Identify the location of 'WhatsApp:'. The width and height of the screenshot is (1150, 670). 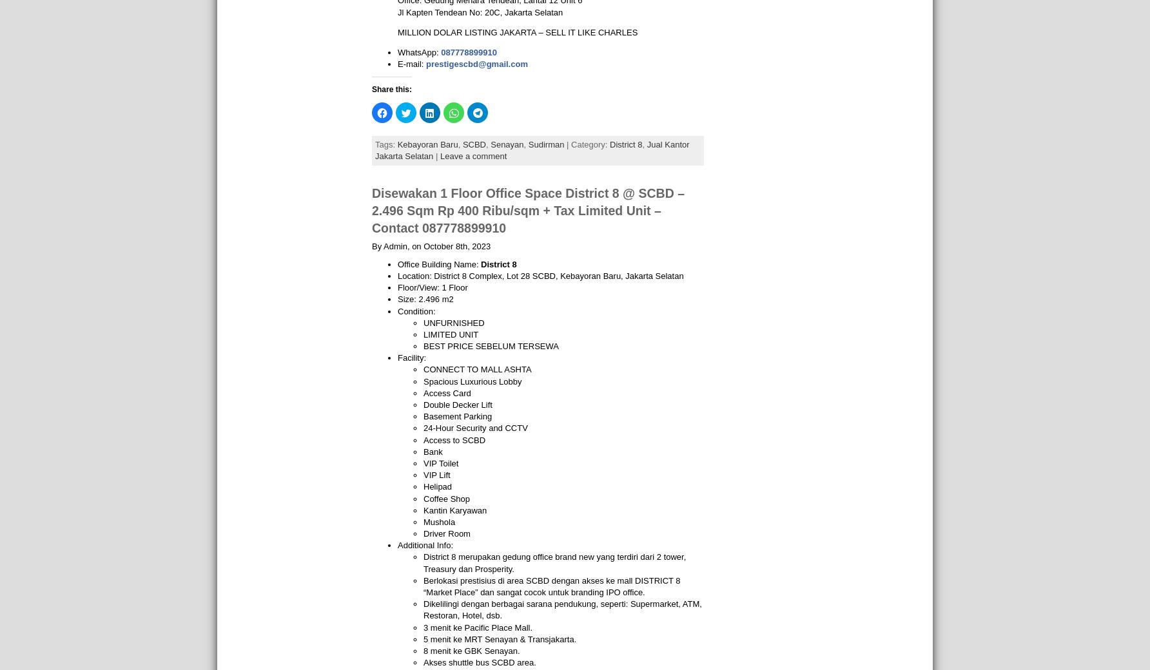
(418, 51).